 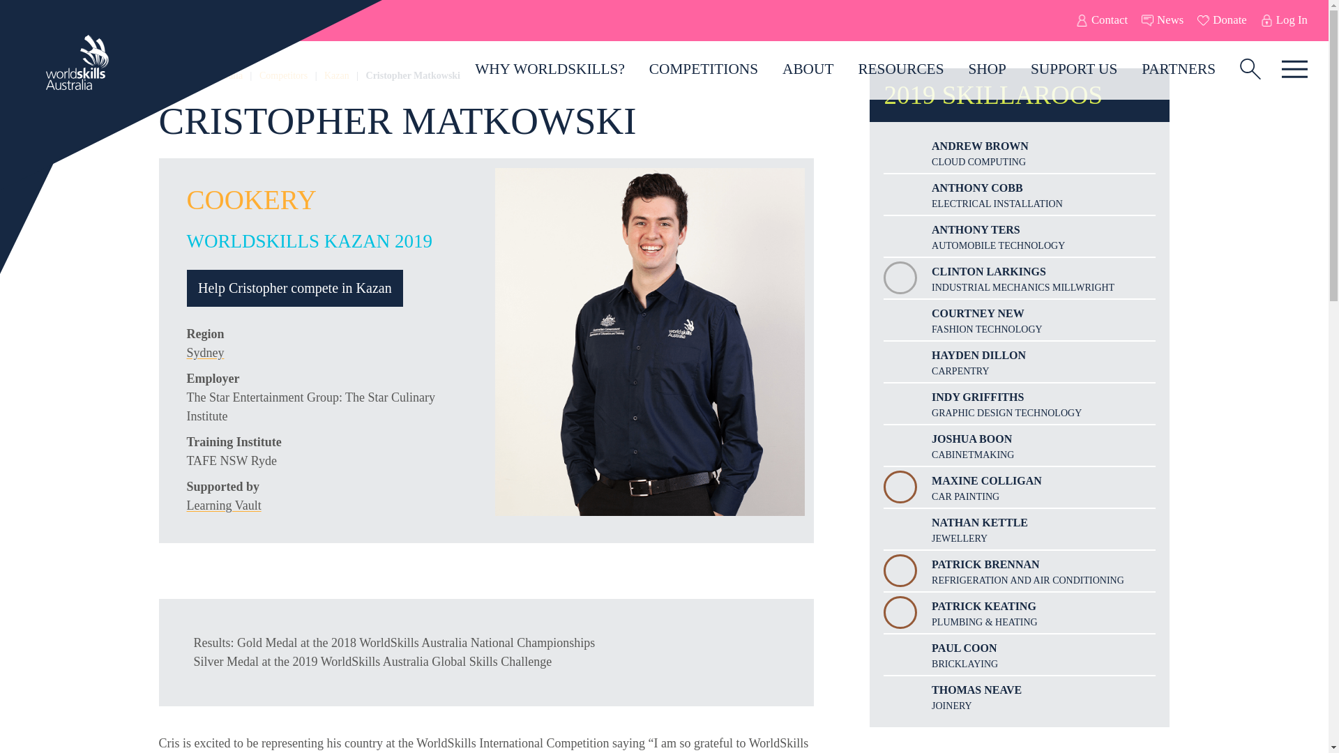 I want to click on 'MAXINE COLLIGAN, so click(x=1020, y=486).